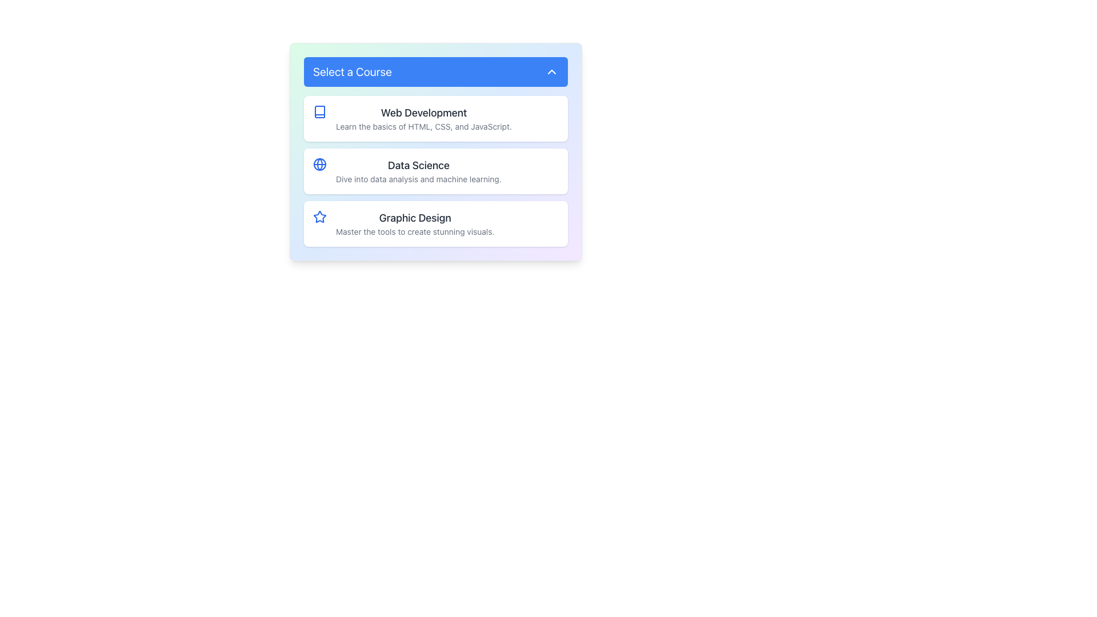 Image resolution: width=1097 pixels, height=617 pixels. Describe the element at coordinates (551, 72) in the screenshot. I see `the chevron up arrow icon located in the right portion of the 'Select a Course' blue header bar` at that location.